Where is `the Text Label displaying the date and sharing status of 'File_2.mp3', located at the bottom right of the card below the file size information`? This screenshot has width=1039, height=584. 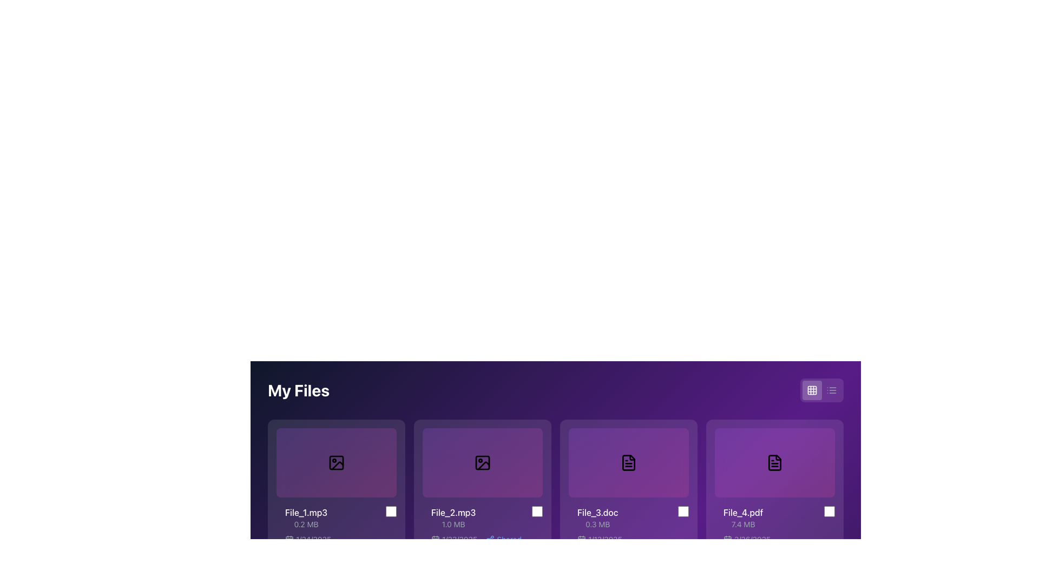 the Text Label displaying the date and sharing status of 'File_2.mp3', located at the bottom right of the card below the file size information is located at coordinates (486, 540).